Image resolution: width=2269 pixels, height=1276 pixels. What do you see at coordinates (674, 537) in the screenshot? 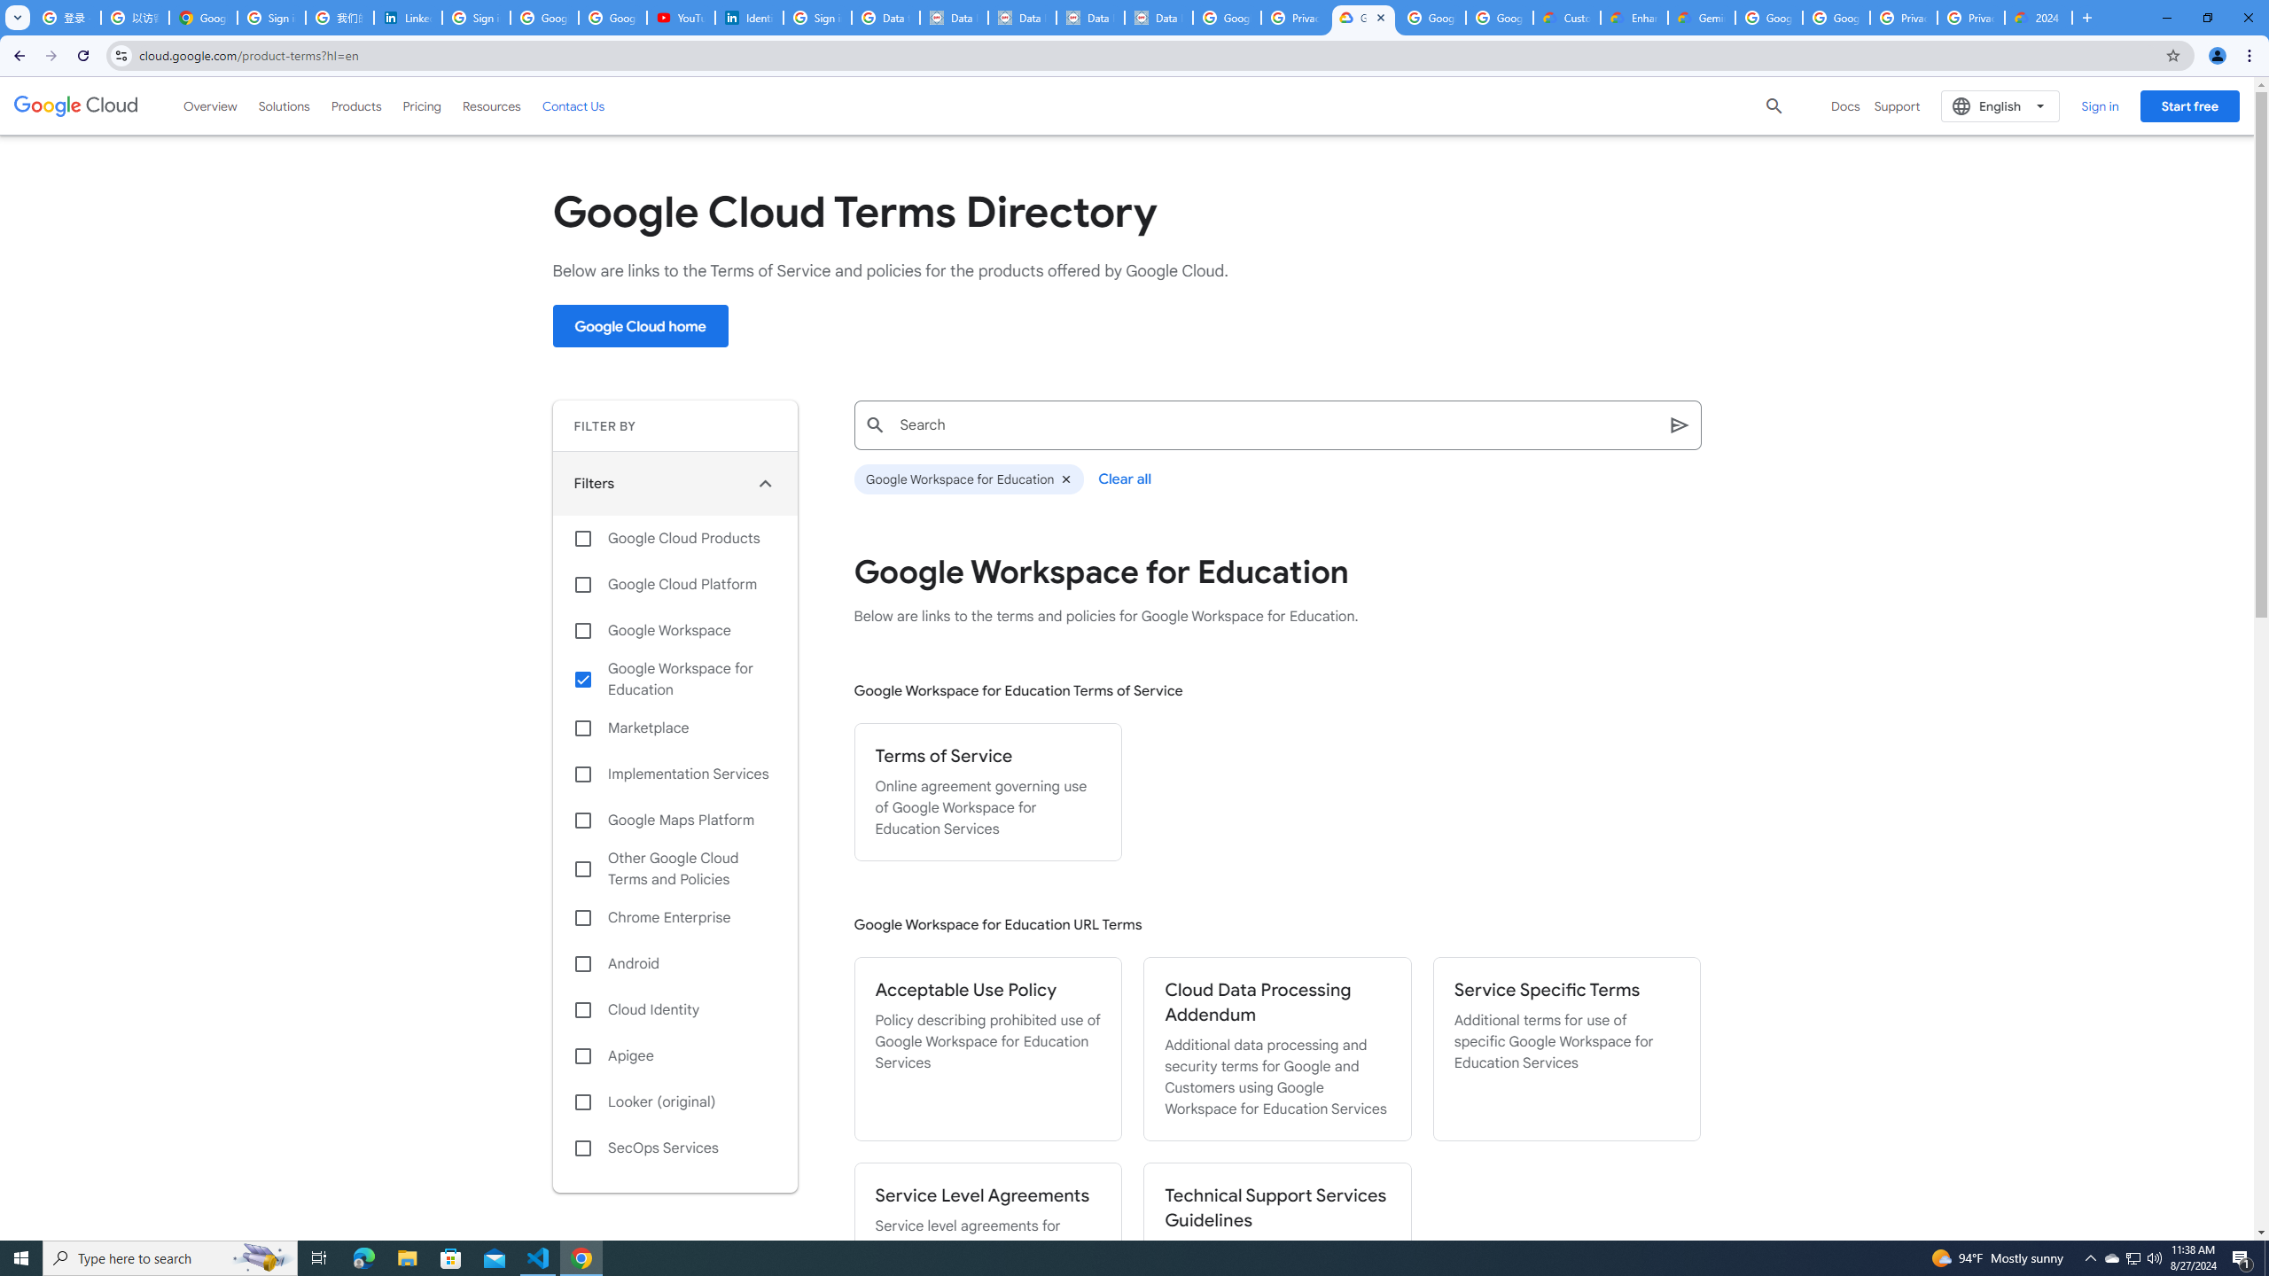
I see `'Google Cloud Products'` at bounding box center [674, 537].